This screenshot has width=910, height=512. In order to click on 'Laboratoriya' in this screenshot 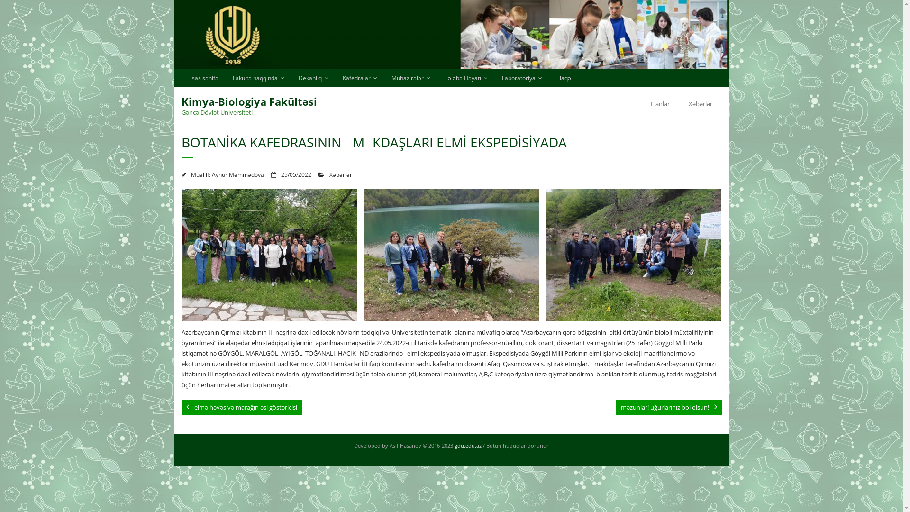, I will do `click(521, 77)`.